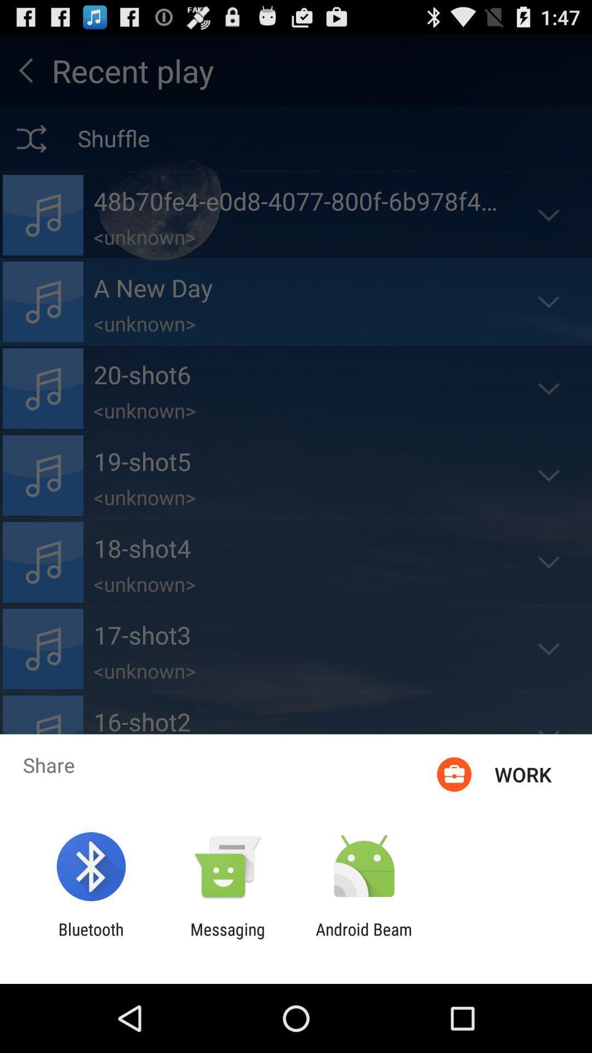 The image size is (592, 1053). I want to click on the item next to messaging app, so click(90, 938).